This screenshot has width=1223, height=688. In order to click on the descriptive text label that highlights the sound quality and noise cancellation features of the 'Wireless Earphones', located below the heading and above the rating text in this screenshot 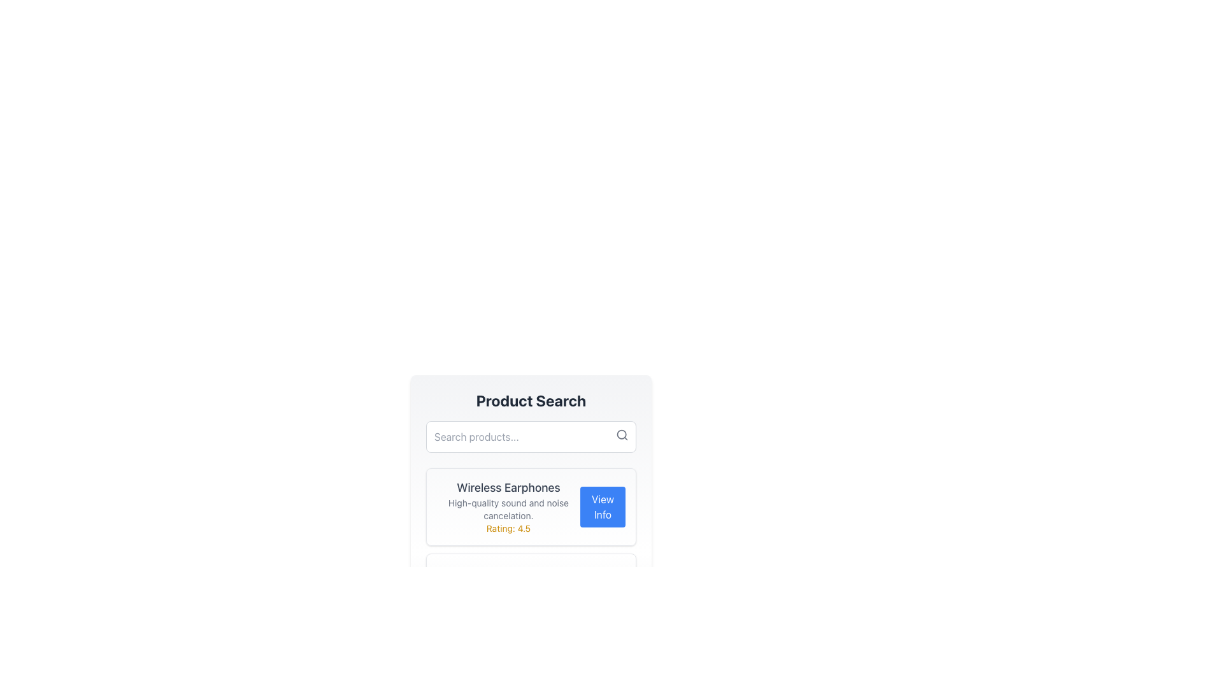, I will do `click(508, 508)`.